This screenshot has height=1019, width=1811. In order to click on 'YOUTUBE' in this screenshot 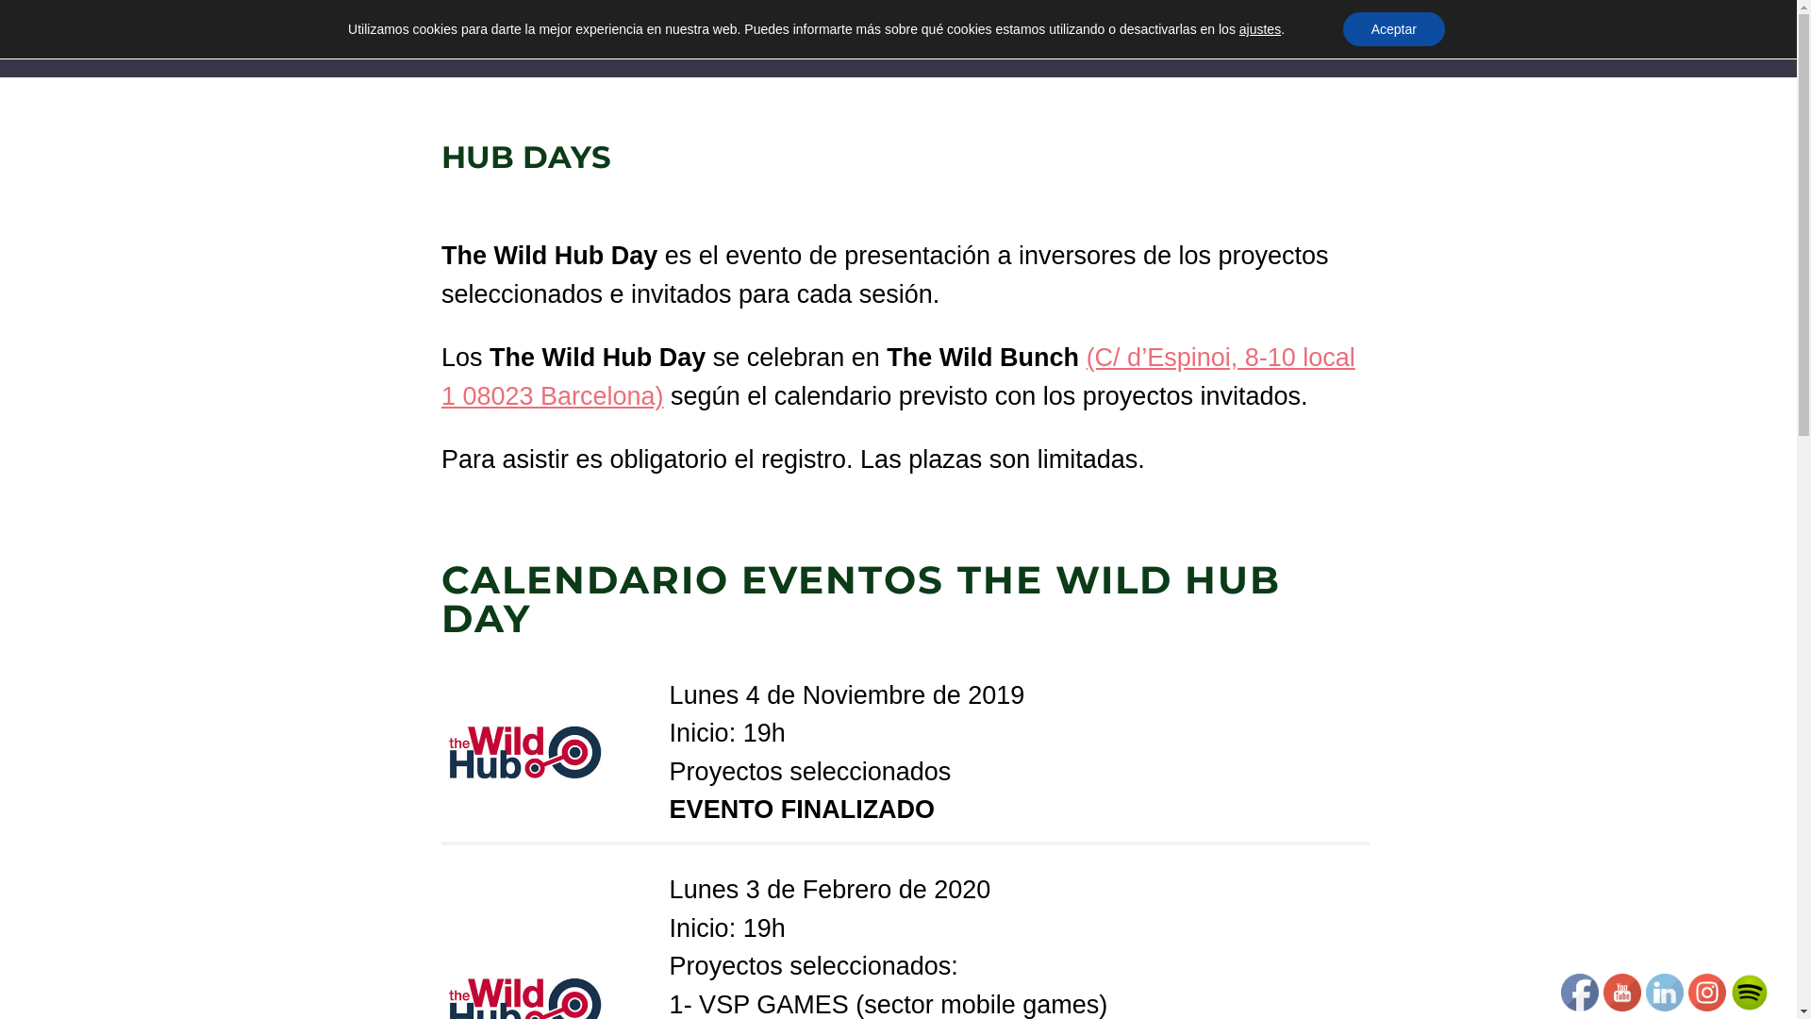, I will do `click(1620, 992)`.